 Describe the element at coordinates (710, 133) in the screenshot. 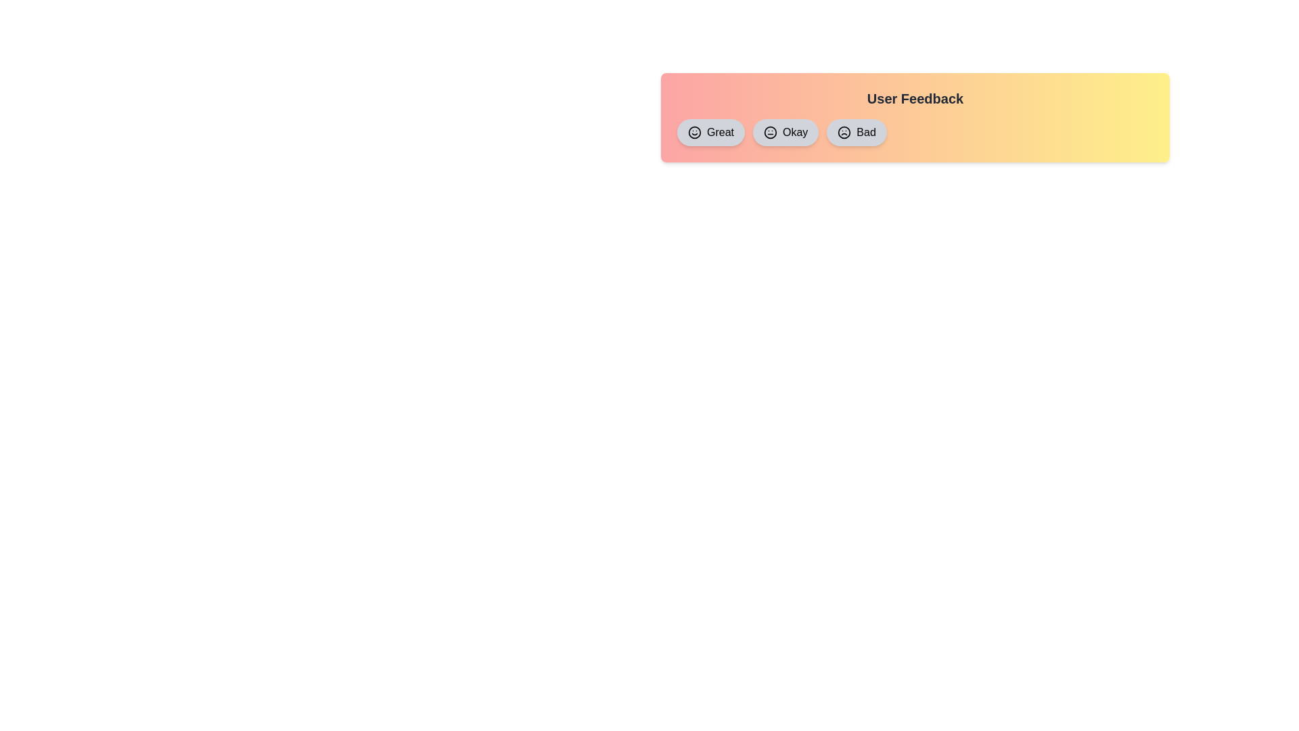

I see `the 'Great' feedback chip to toggle its selection` at that location.